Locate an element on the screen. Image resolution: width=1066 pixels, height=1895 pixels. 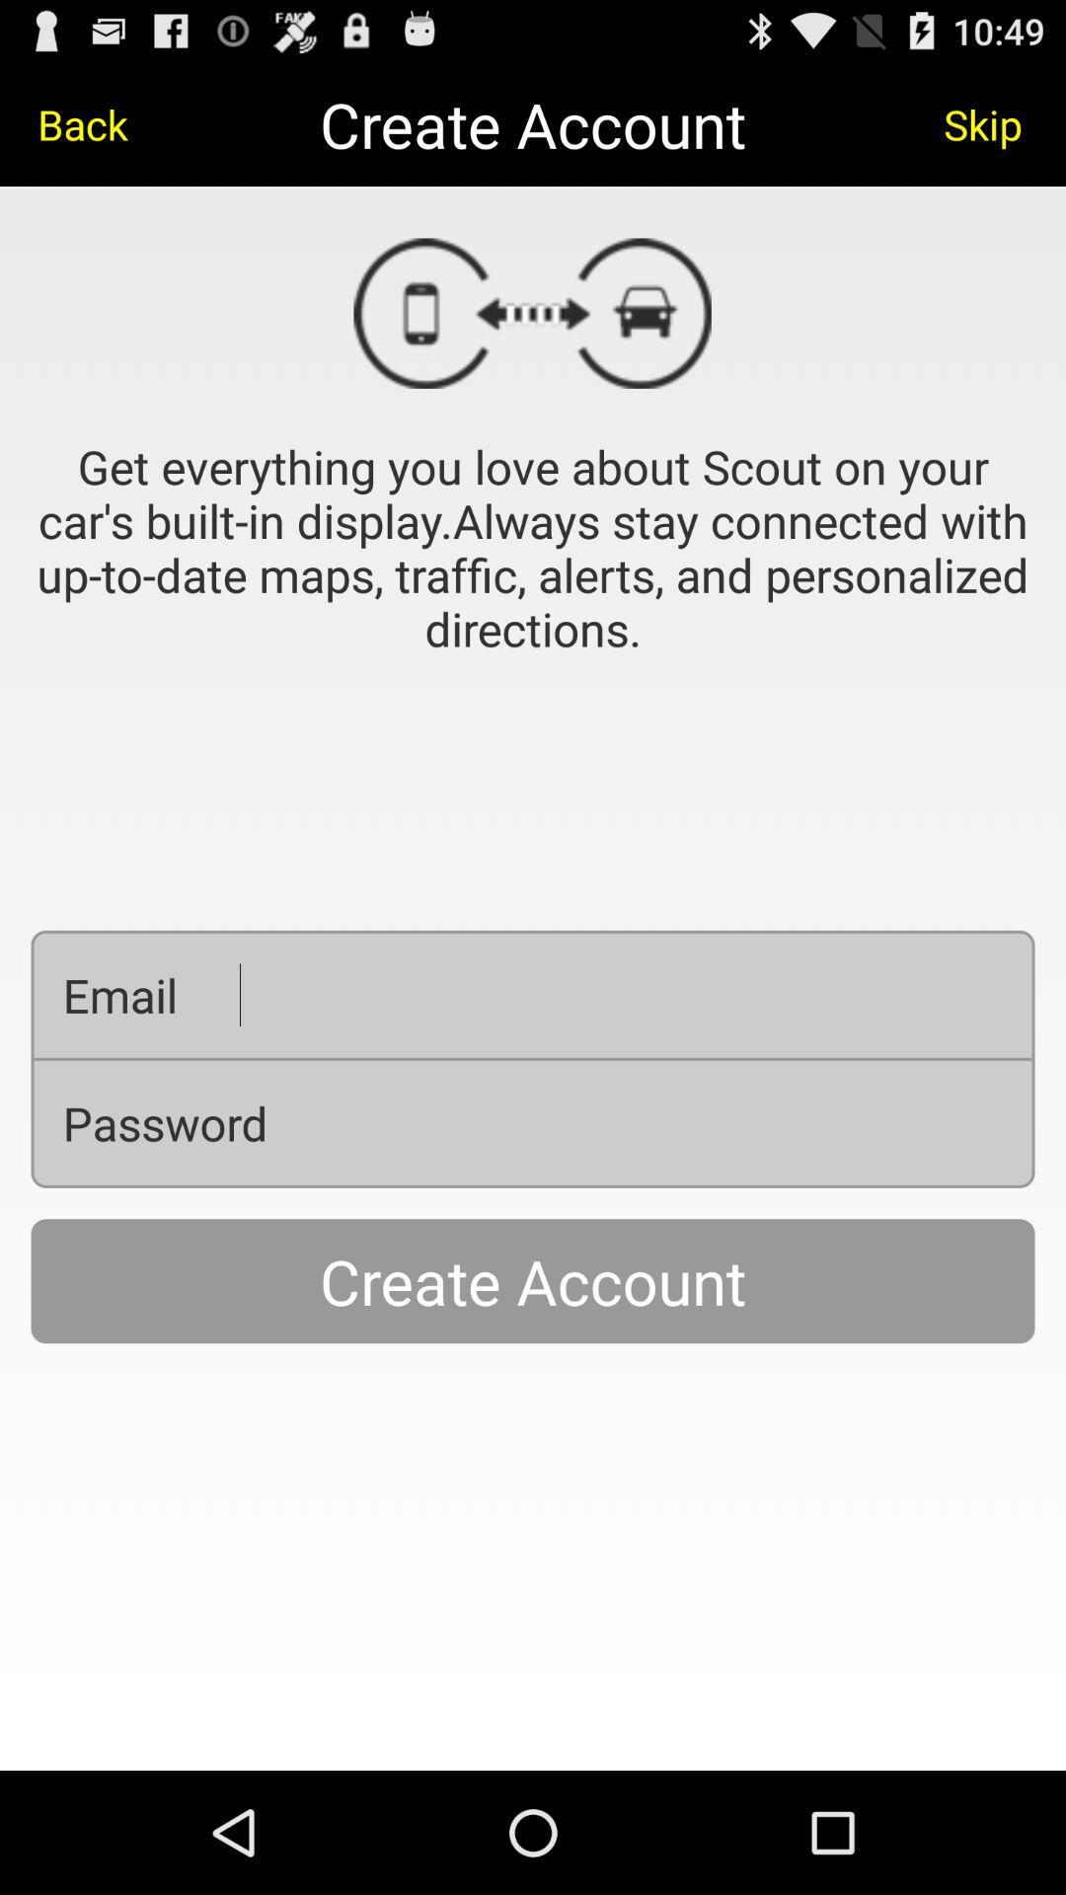
email required is located at coordinates (620, 995).